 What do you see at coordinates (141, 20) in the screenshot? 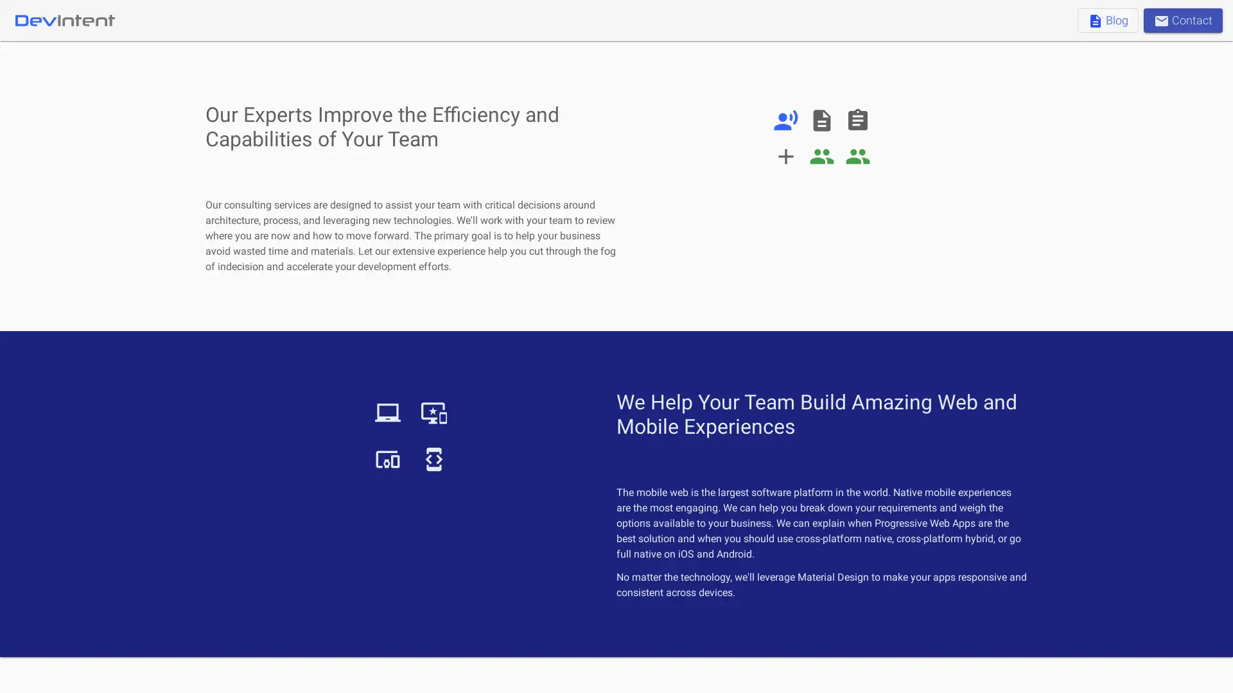
I see `Skip to main content` at bounding box center [141, 20].